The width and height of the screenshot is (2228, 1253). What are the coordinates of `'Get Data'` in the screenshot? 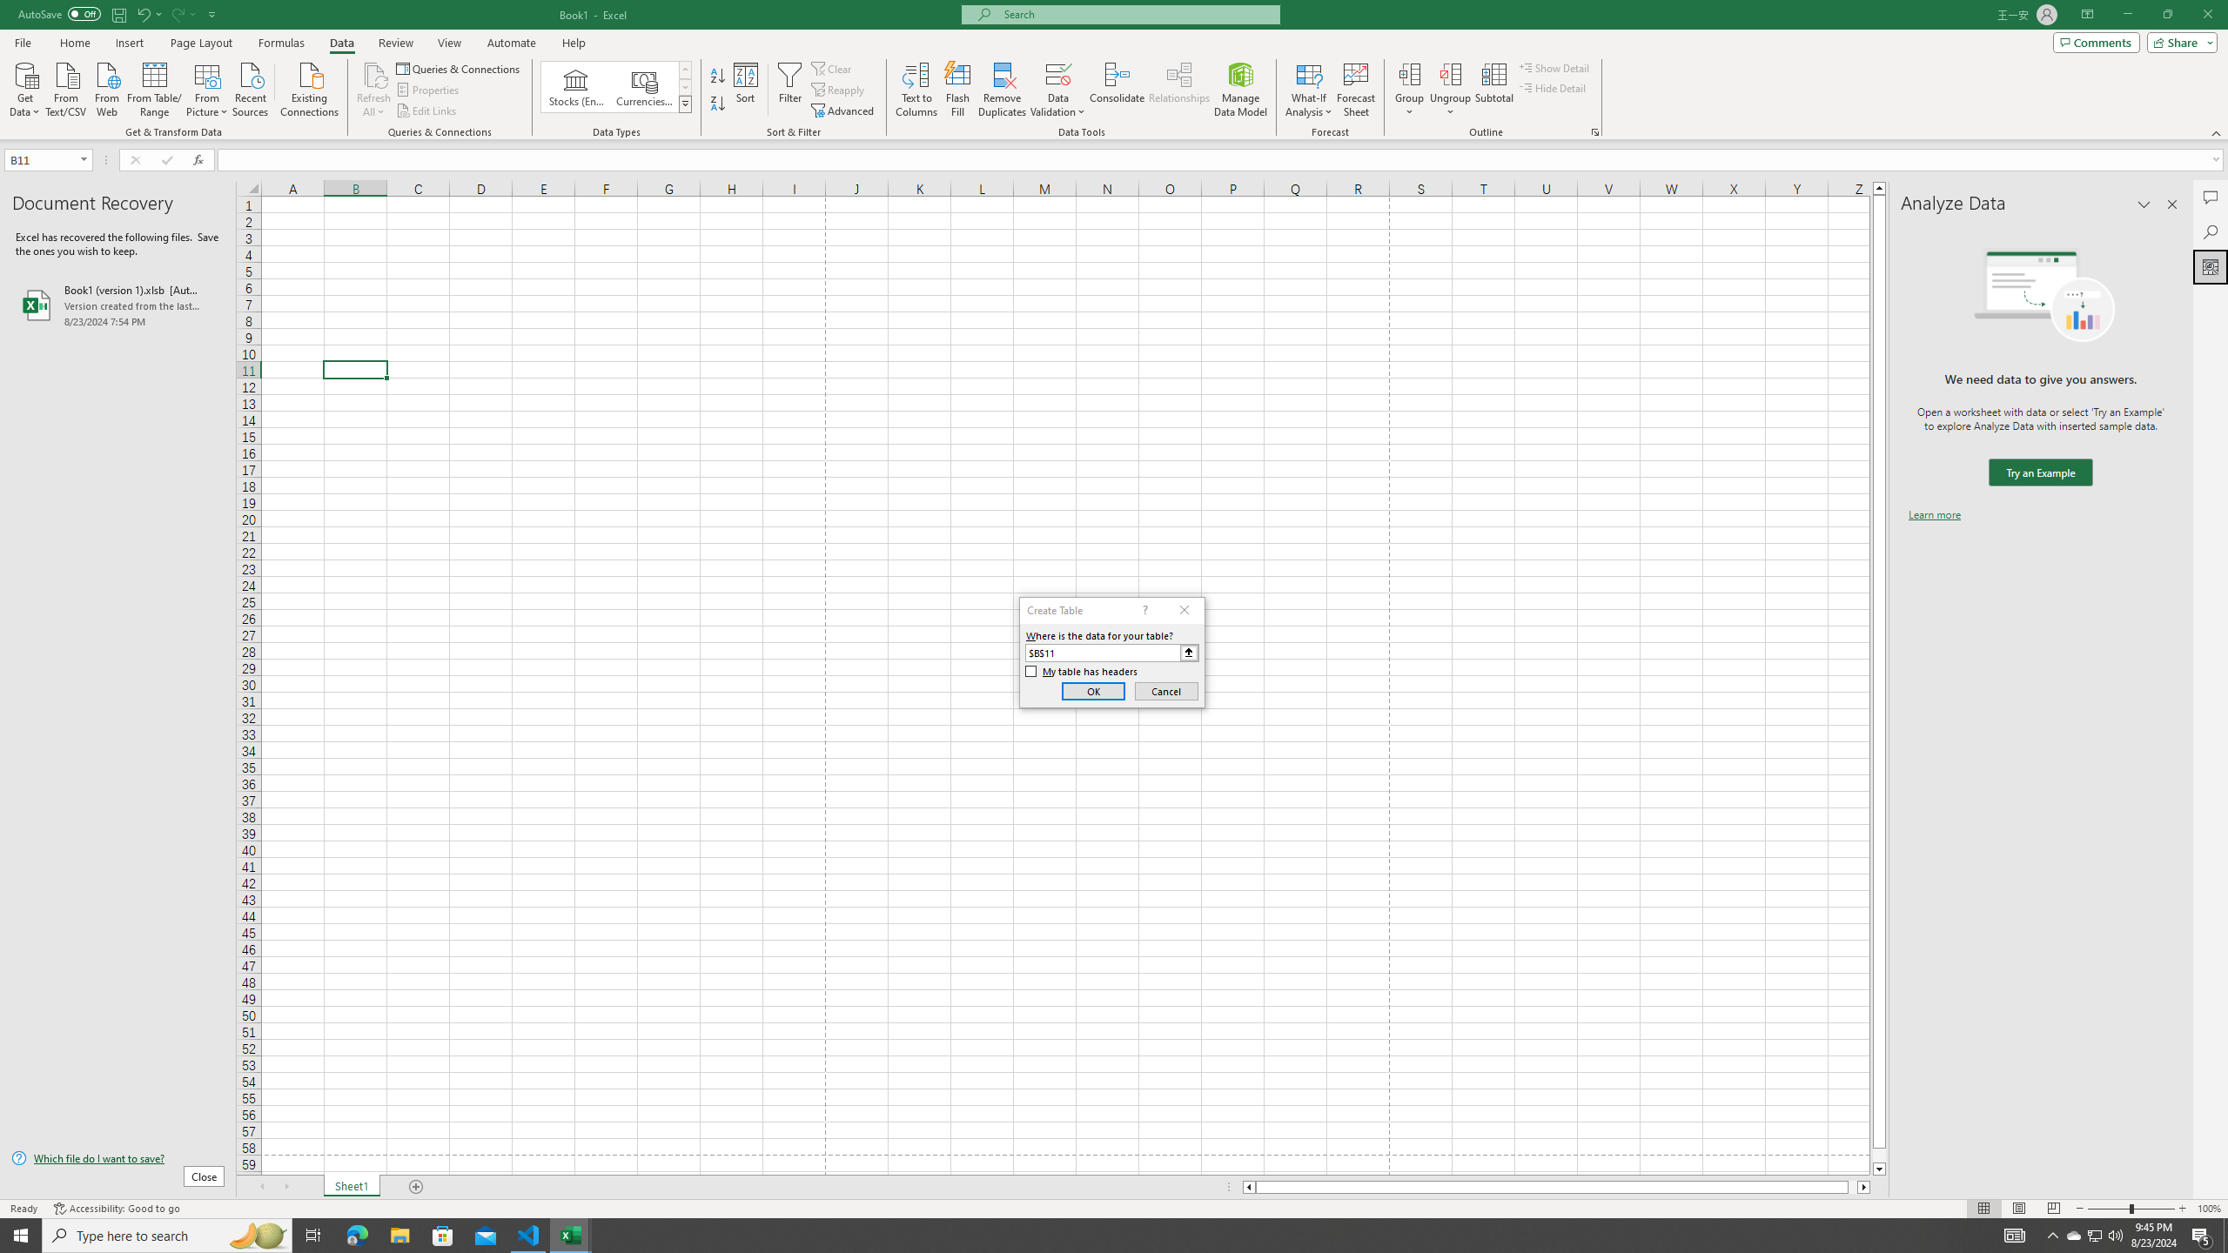 It's located at (24, 87).